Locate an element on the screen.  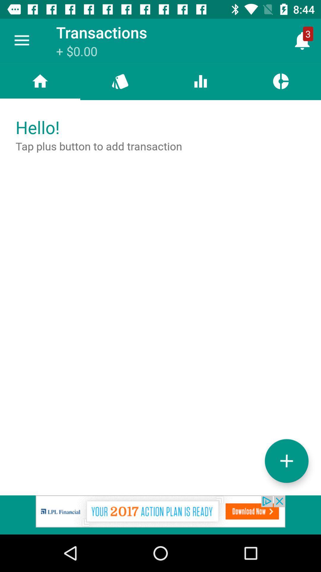
the transactions is located at coordinates (286, 461).